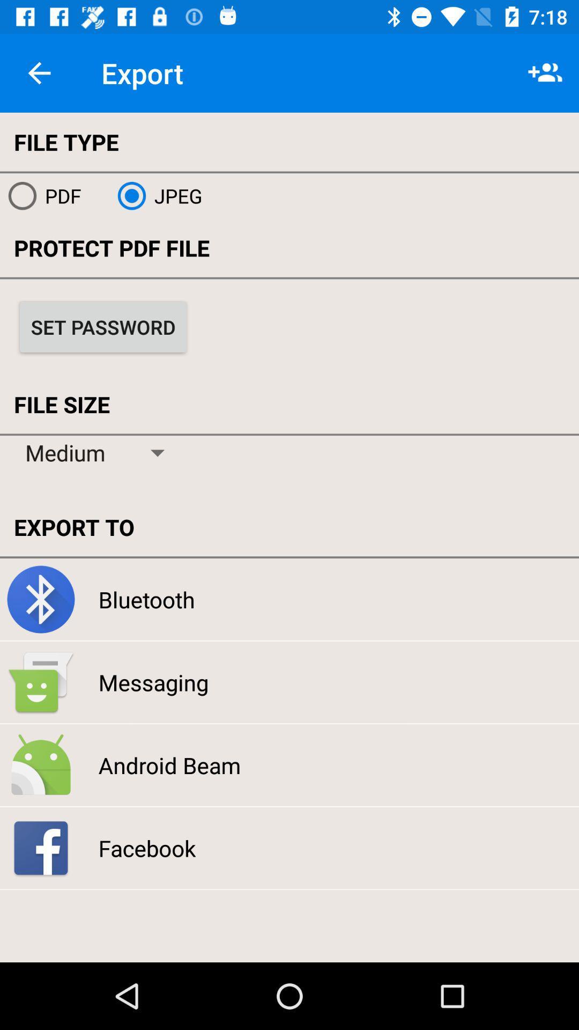 The width and height of the screenshot is (579, 1030). Describe the element at coordinates (146, 599) in the screenshot. I see `the bluetooth icon` at that location.